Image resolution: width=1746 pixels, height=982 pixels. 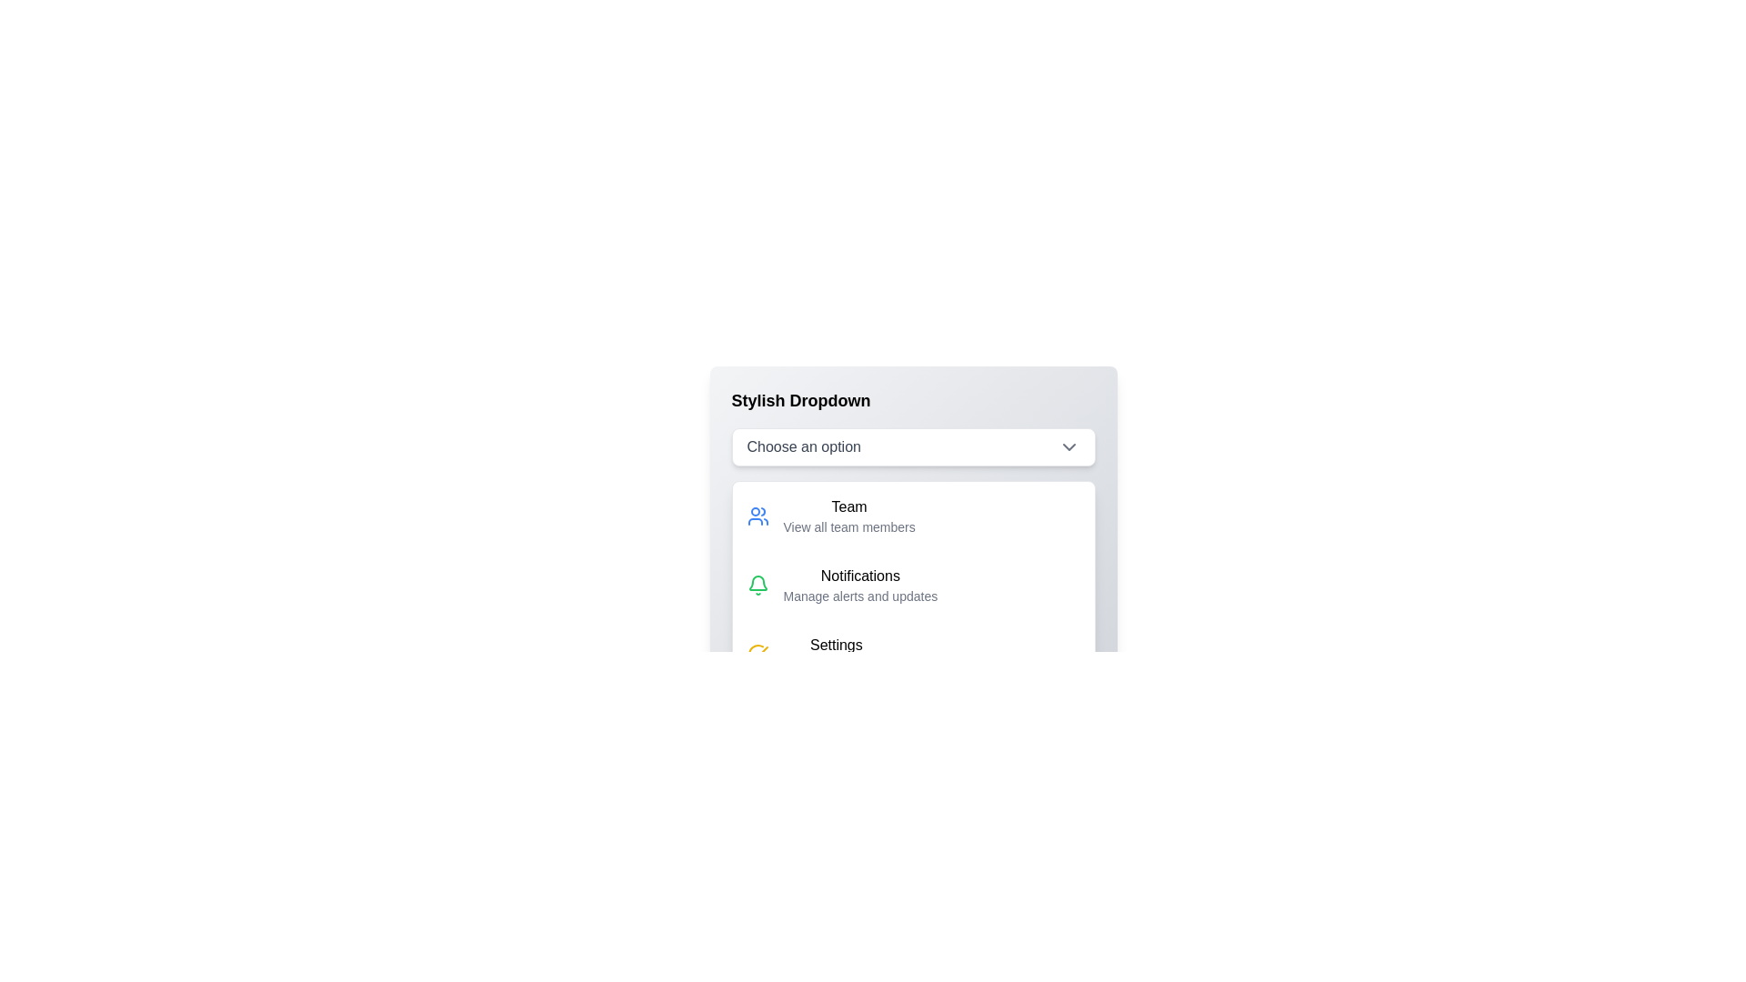 What do you see at coordinates (859, 596) in the screenshot?
I see `the text label that displays 'Manage alerts and updates', which is located beneath the 'Notifications' label in the dropdown menu` at bounding box center [859, 596].